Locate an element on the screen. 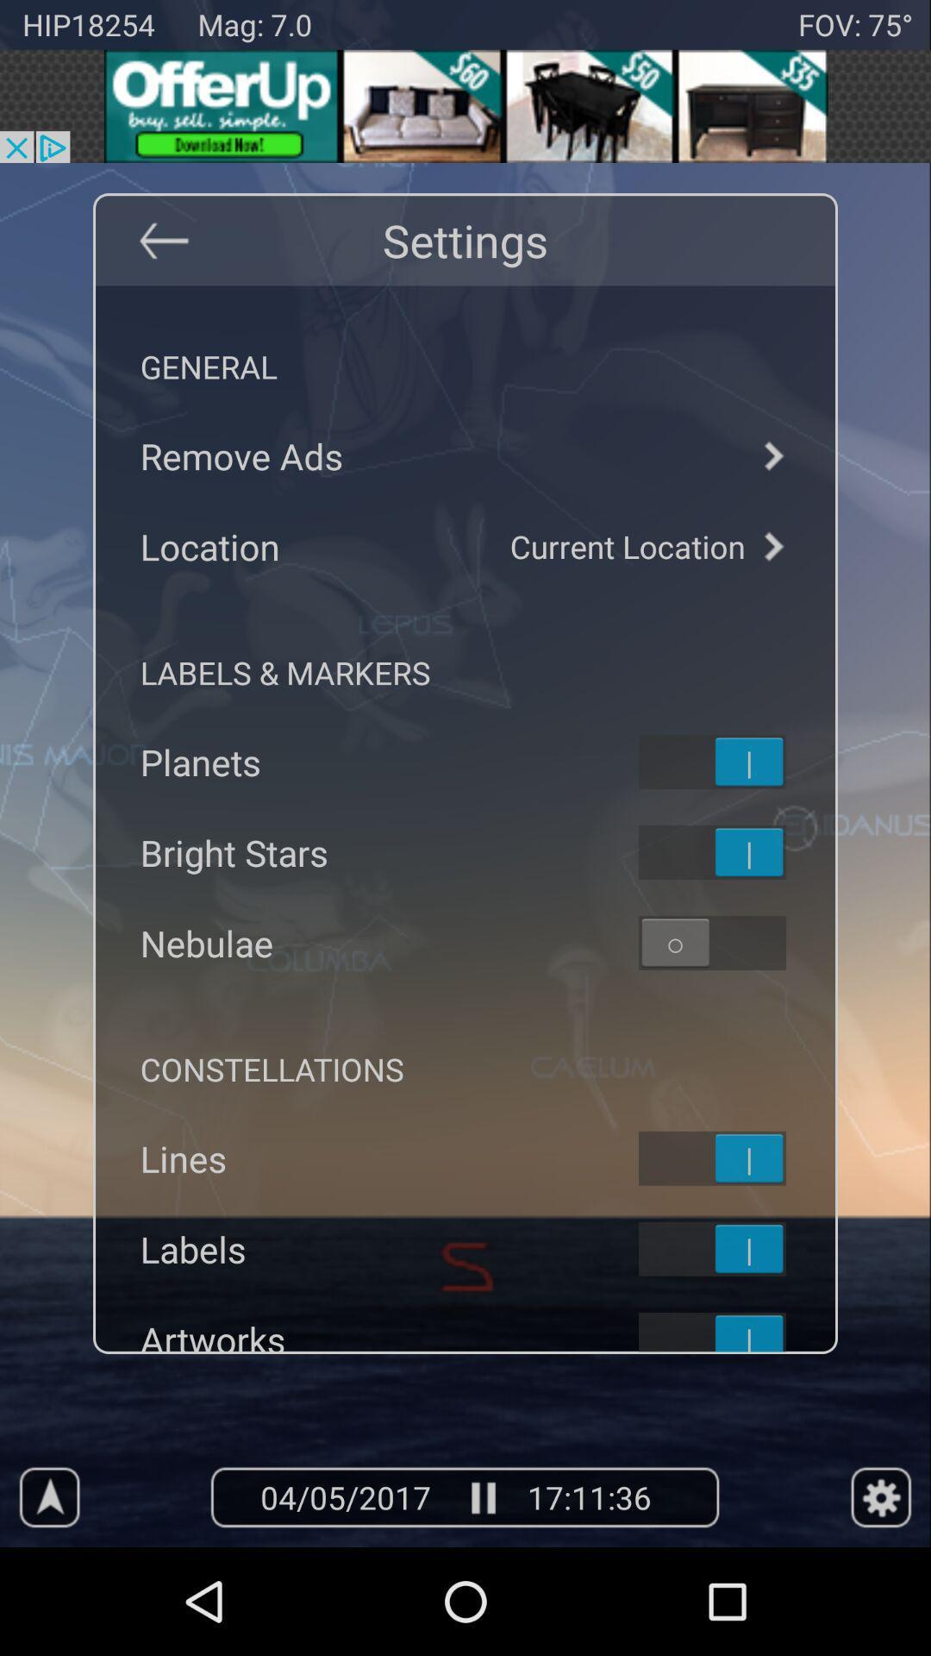  planets label is located at coordinates (734, 761).